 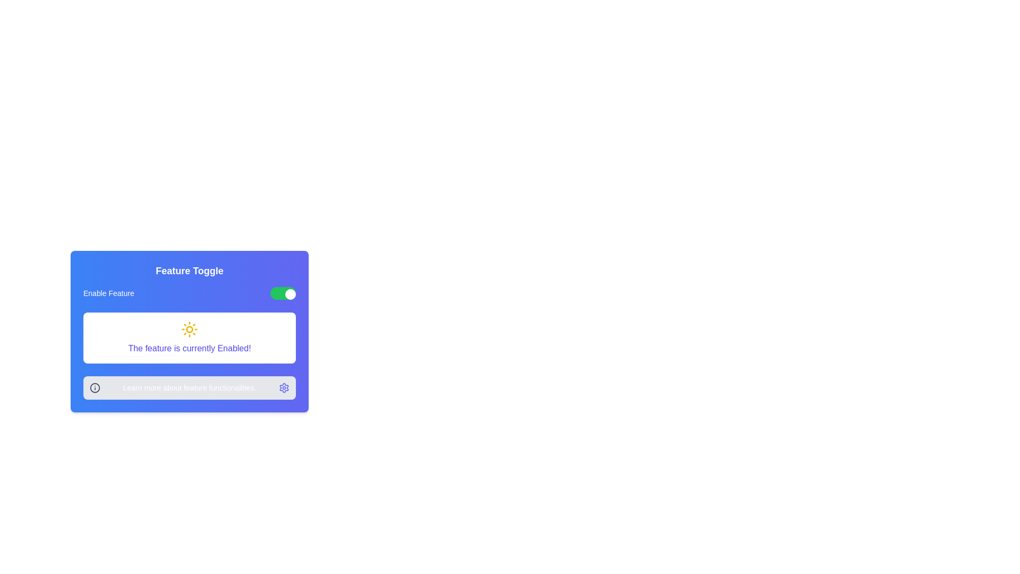 I want to click on the circular component located centrally within the sun icon, which is part of the interface containing the text 'The feature is currently Enabled!', so click(x=189, y=329).